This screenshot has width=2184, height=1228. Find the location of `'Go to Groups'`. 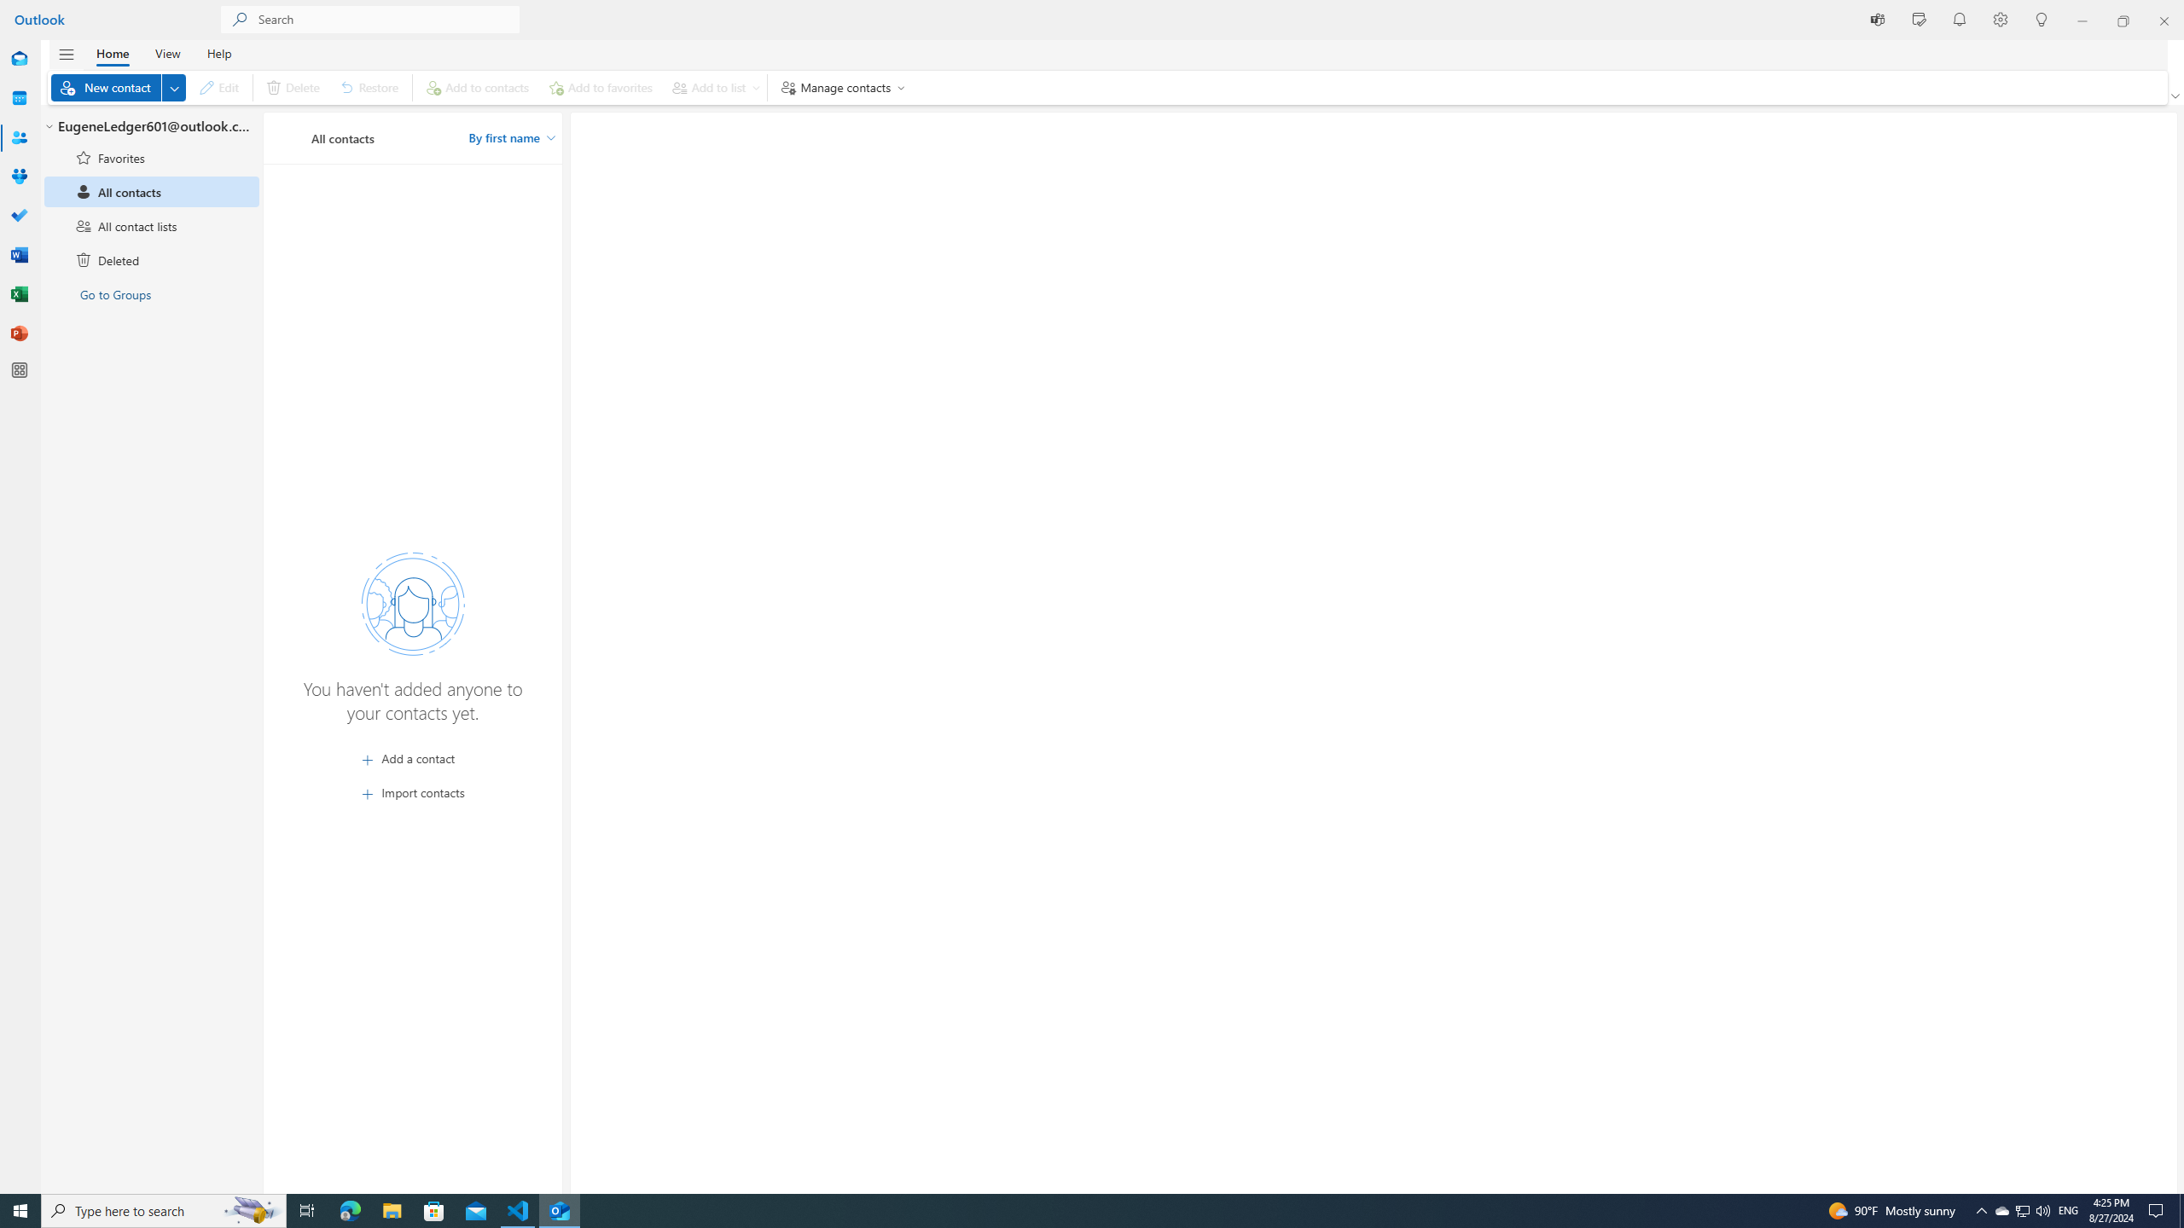

'Go to Groups' is located at coordinates (150, 293).